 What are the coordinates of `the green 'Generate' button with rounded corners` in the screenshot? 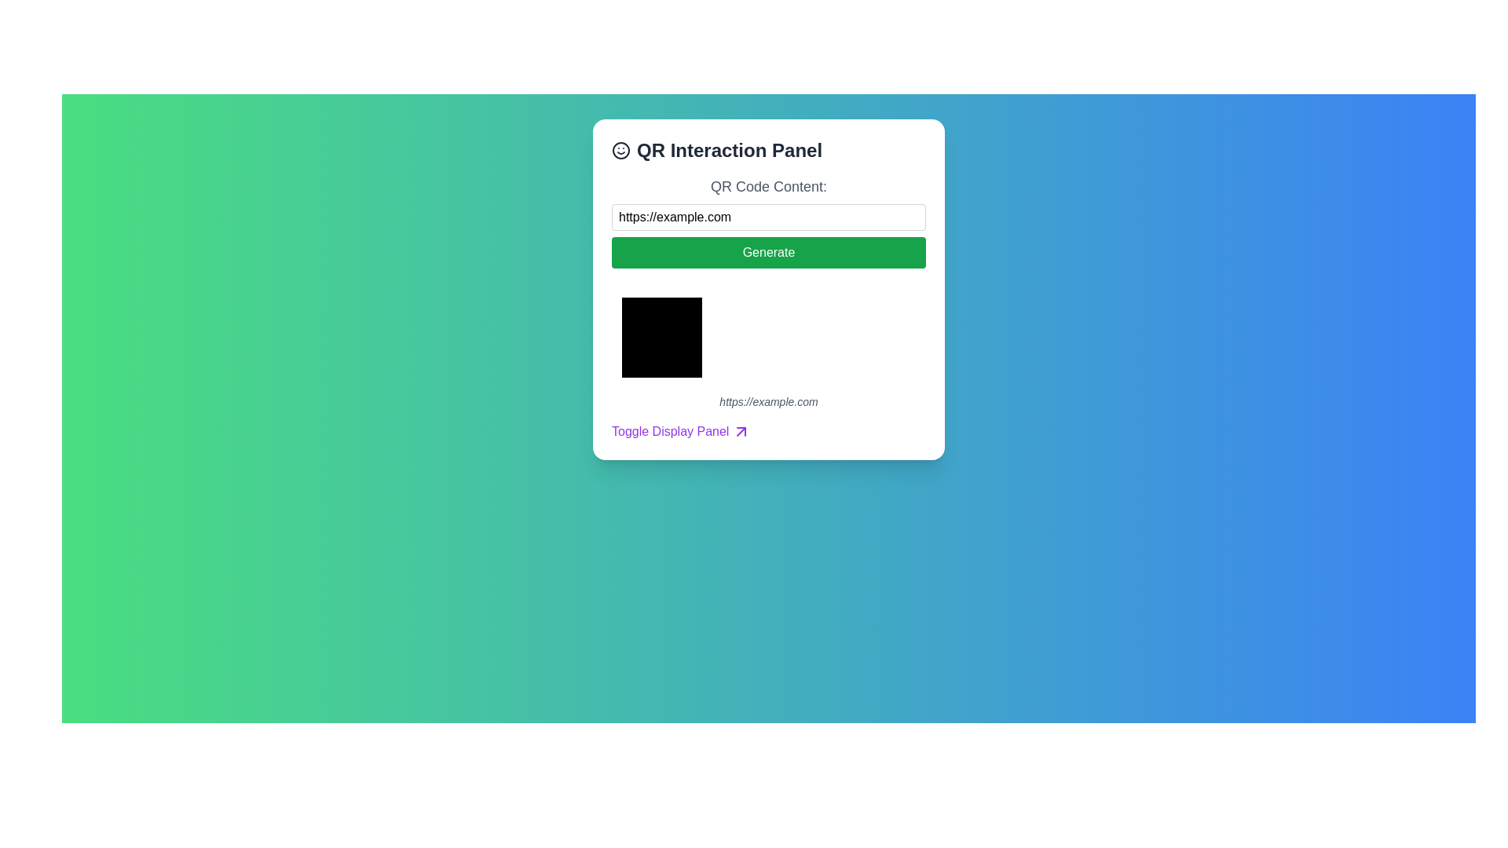 It's located at (769, 251).